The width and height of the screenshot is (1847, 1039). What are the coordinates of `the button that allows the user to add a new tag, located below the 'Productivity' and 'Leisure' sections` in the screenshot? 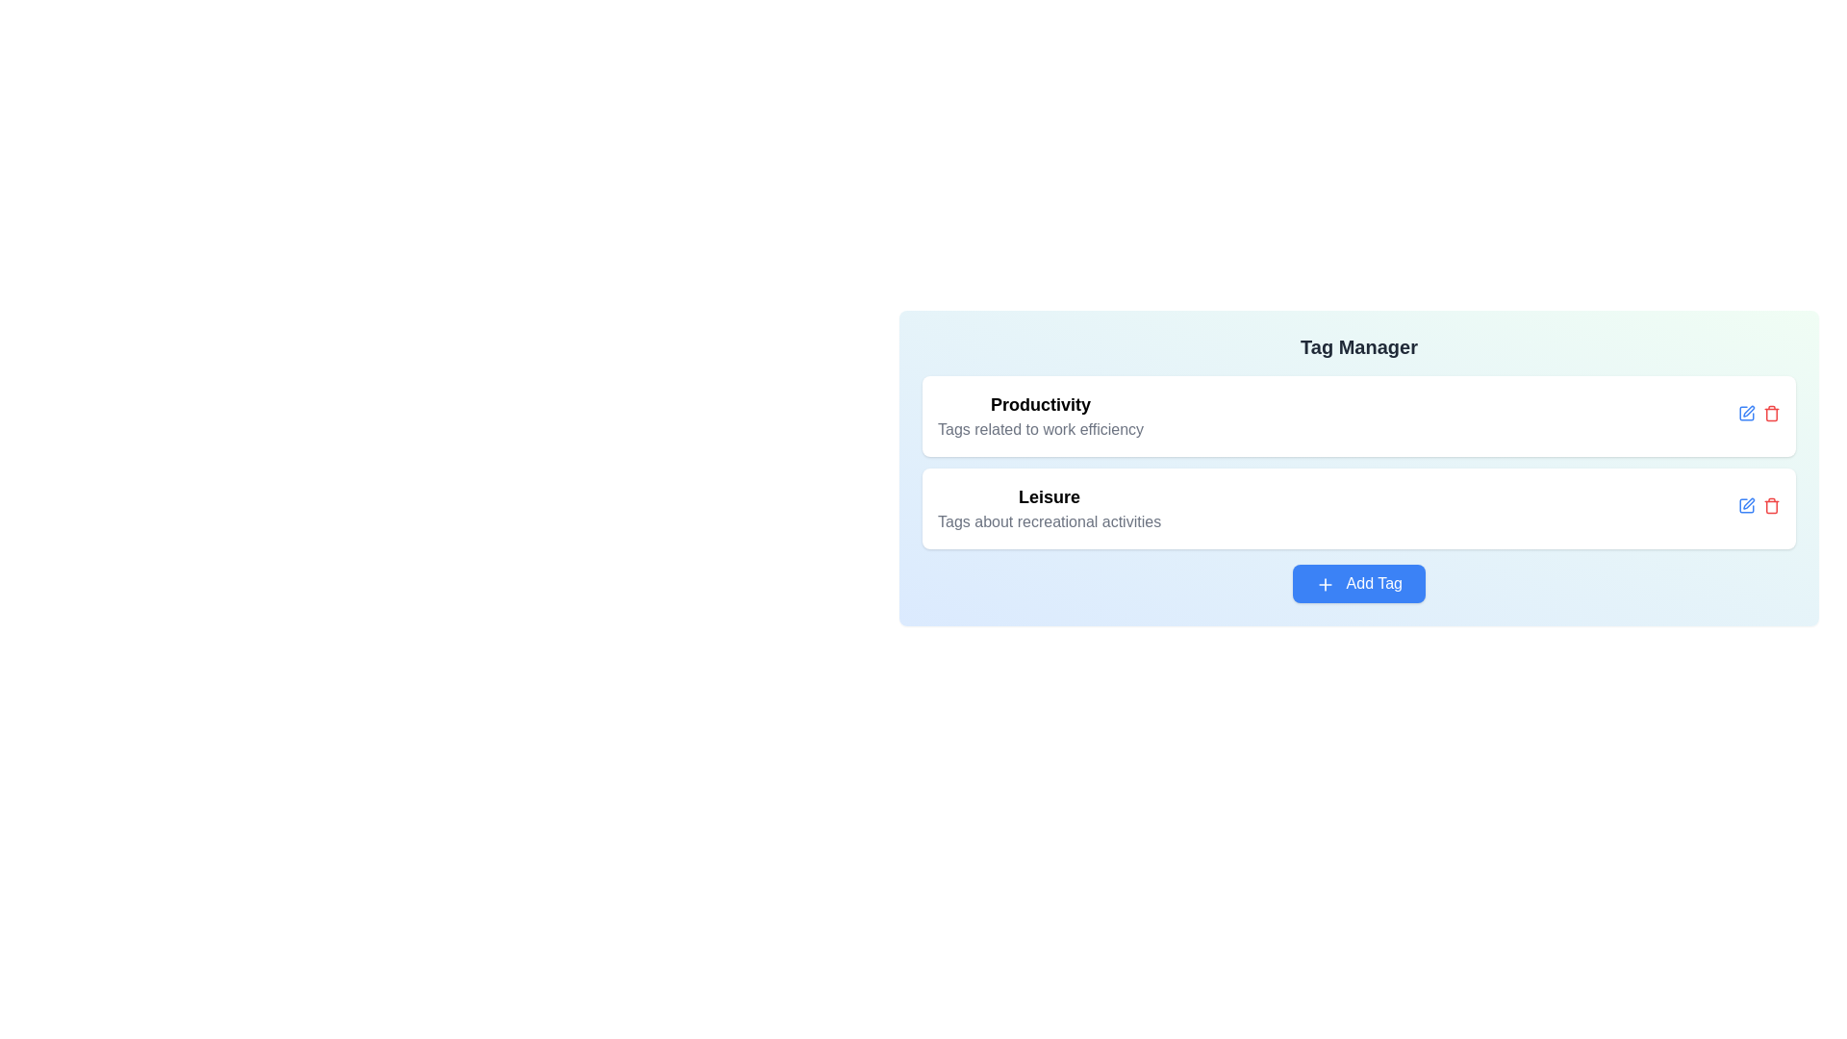 It's located at (1357, 582).